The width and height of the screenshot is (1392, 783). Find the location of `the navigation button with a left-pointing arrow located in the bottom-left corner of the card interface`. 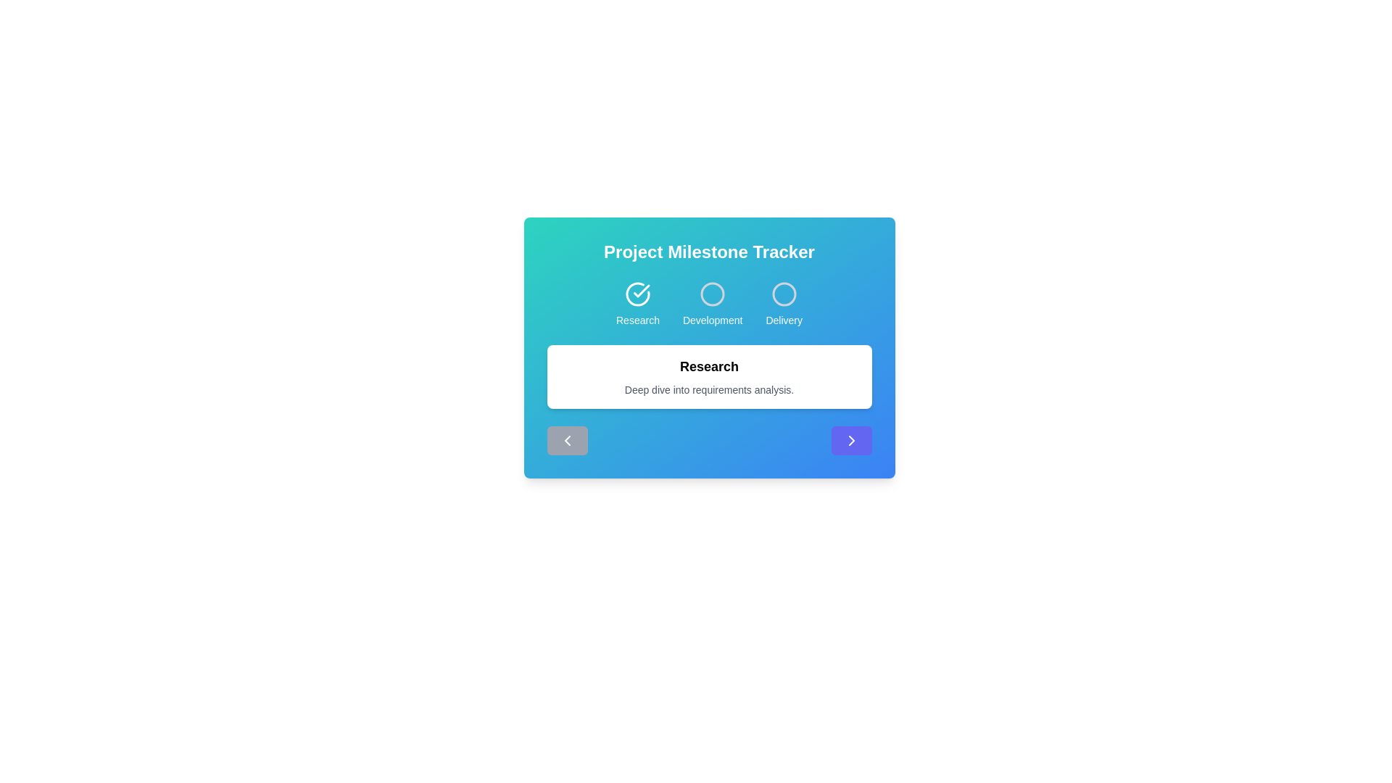

the navigation button with a left-pointing arrow located in the bottom-left corner of the card interface is located at coordinates (566, 440).